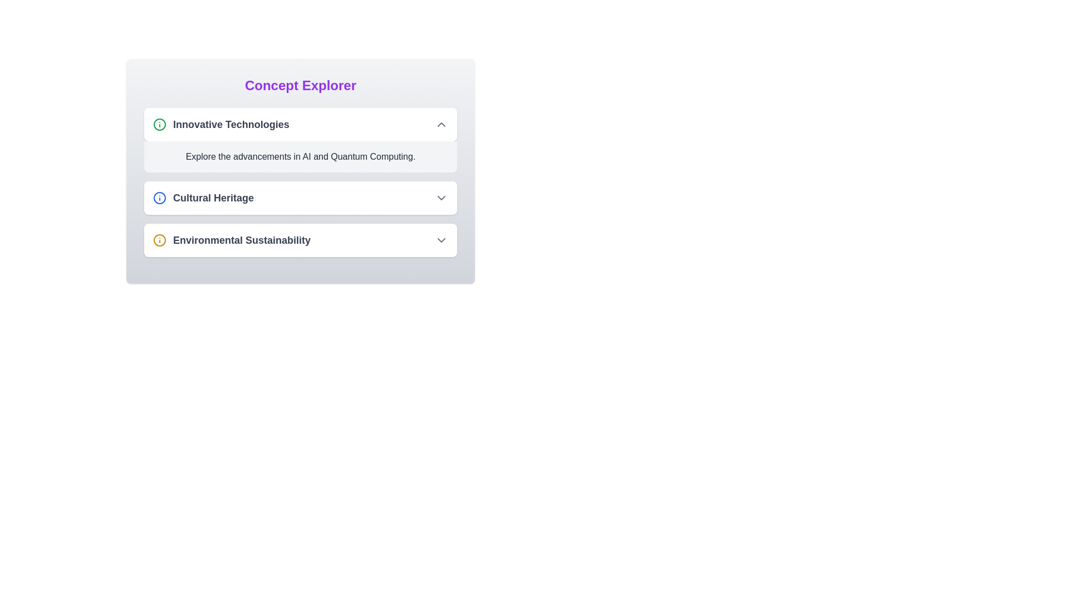 Image resolution: width=1069 pixels, height=601 pixels. What do you see at coordinates (159, 240) in the screenshot?
I see `the information icon styled as a circular outline with an embedded letter 'i', located in the 'Environmental Sustainability' section on the left side of the text label` at bounding box center [159, 240].